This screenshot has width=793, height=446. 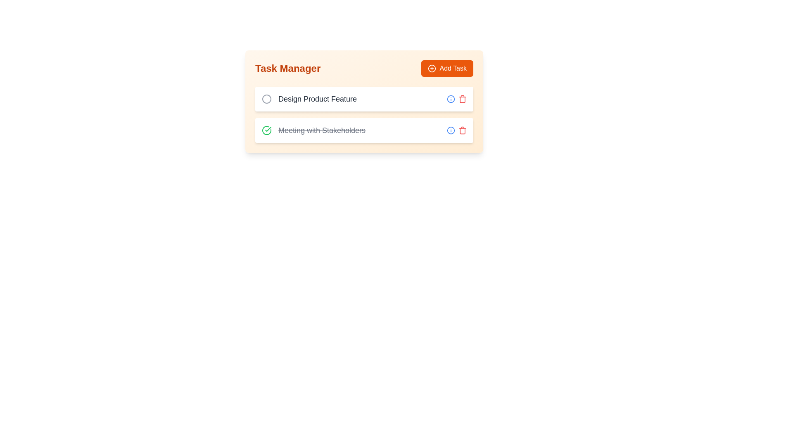 What do you see at coordinates (267, 130) in the screenshot?
I see `the decorative graphic within the circular checkmark icon that is positioned to the left of the 'Meeting with Stakeholders' text in the task manager interface` at bounding box center [267, 130].